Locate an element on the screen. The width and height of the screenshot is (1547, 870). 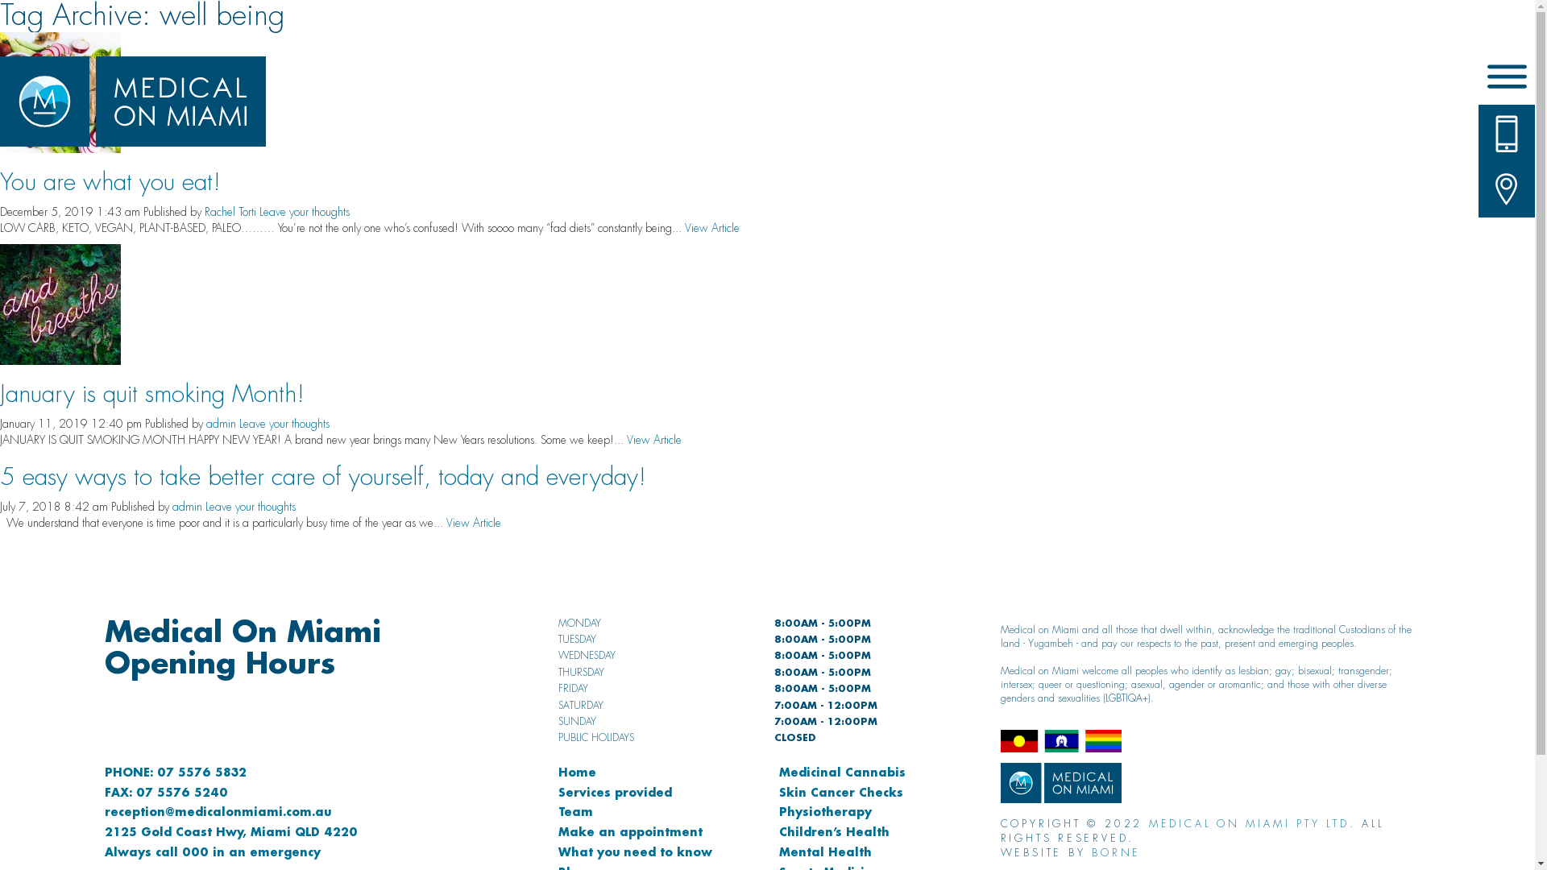
'Always call 000 in an emergency' is located at coordinates (212, 851).